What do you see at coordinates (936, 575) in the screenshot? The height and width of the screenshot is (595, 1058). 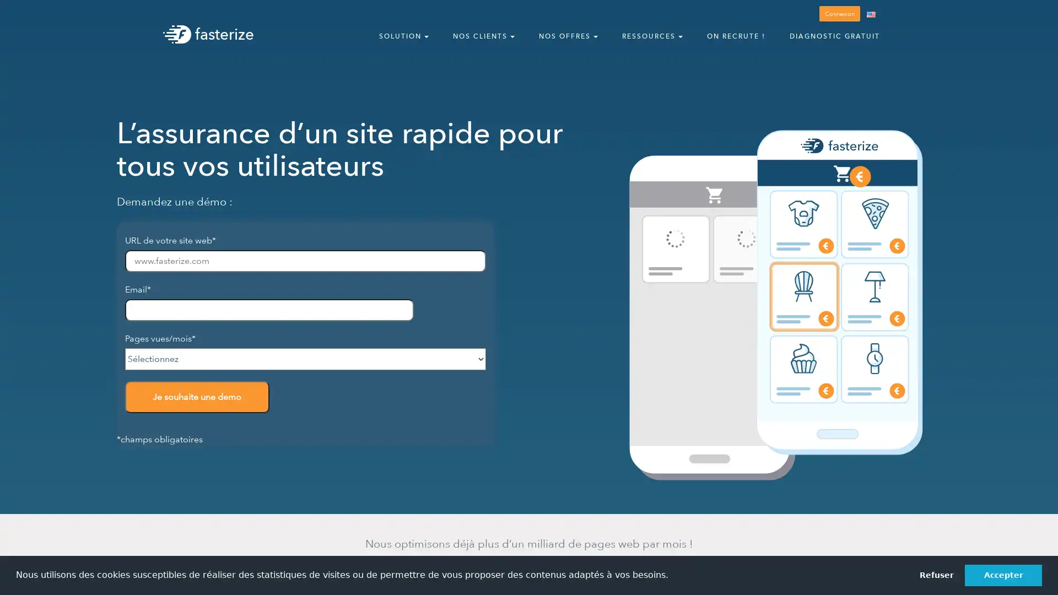 I see `dismiss cookie message` at bounding box center [936, 575].